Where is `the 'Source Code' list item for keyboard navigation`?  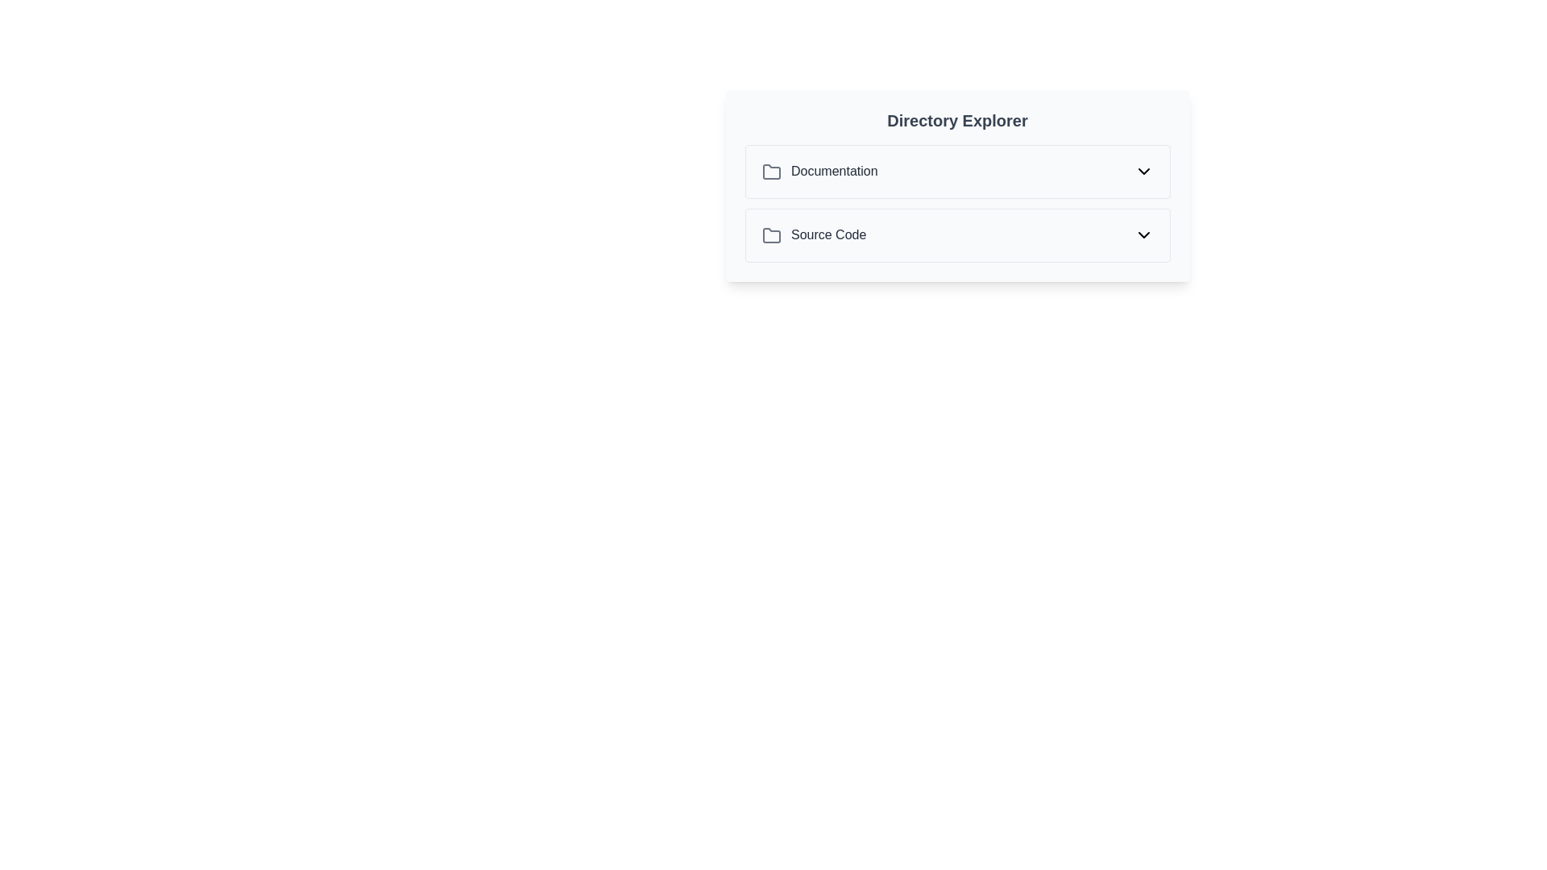
the 'Source Code' list item for keyboard navigation is located at coordinates (957, 235).